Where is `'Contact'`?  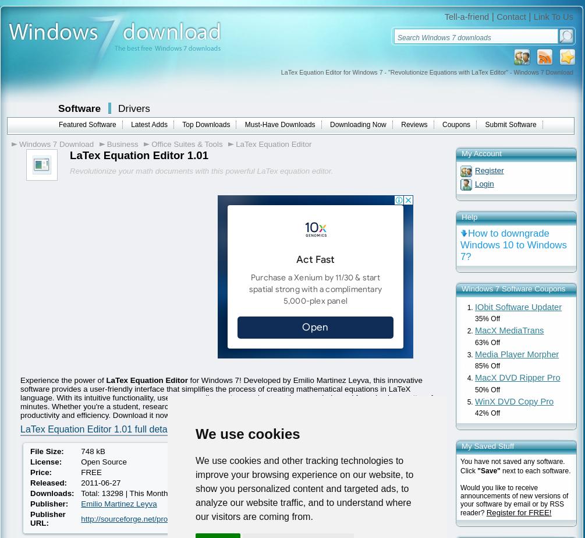 'Contact' is located at coordinates (510, 16).